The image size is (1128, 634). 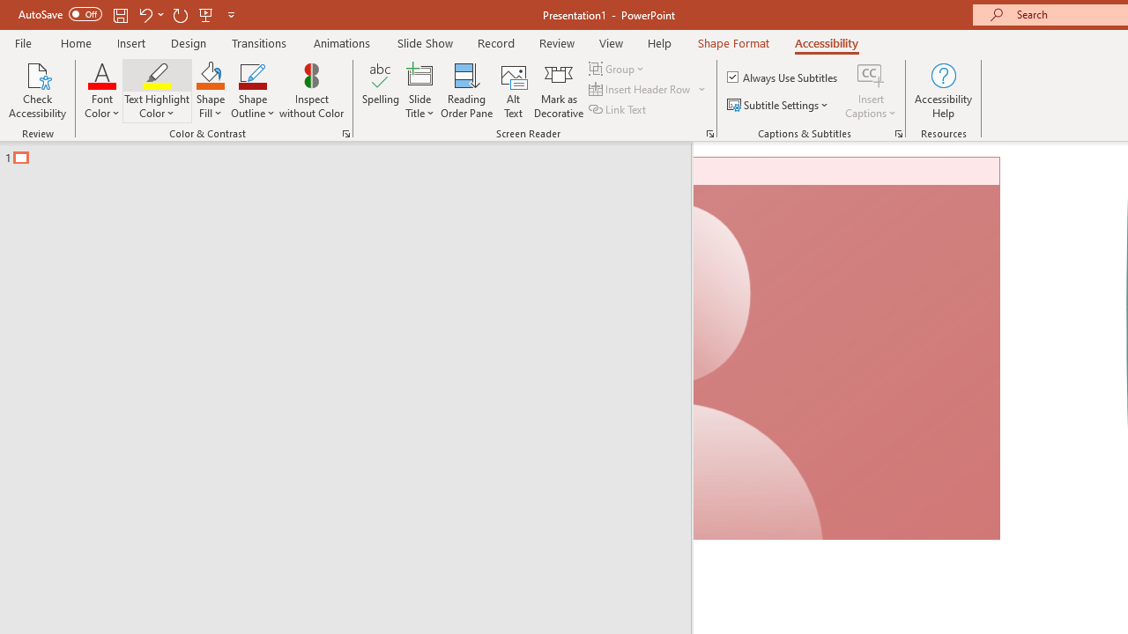 What do you see at coordinates (619, 109) in the screenshot?
I see `'Link Text'` at bounding box center [619, 109].